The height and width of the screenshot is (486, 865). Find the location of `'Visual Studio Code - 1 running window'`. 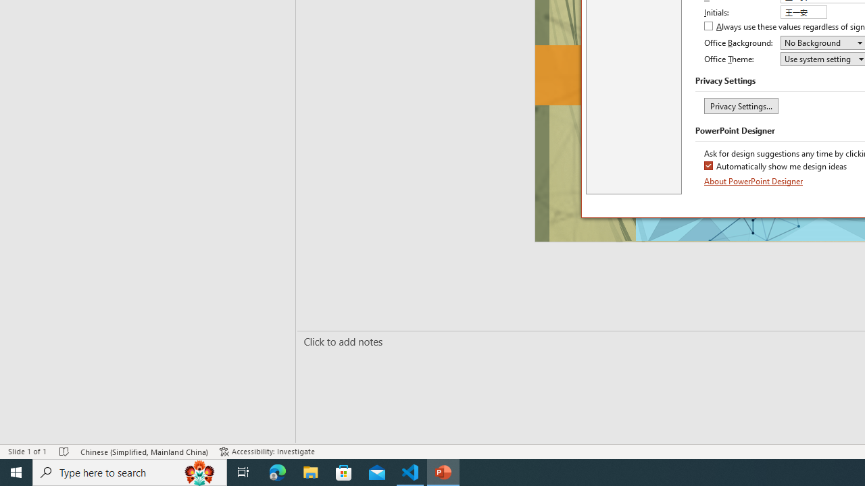

'Visual Studio Code - 1 running window' is located at coordinates (410, 471).